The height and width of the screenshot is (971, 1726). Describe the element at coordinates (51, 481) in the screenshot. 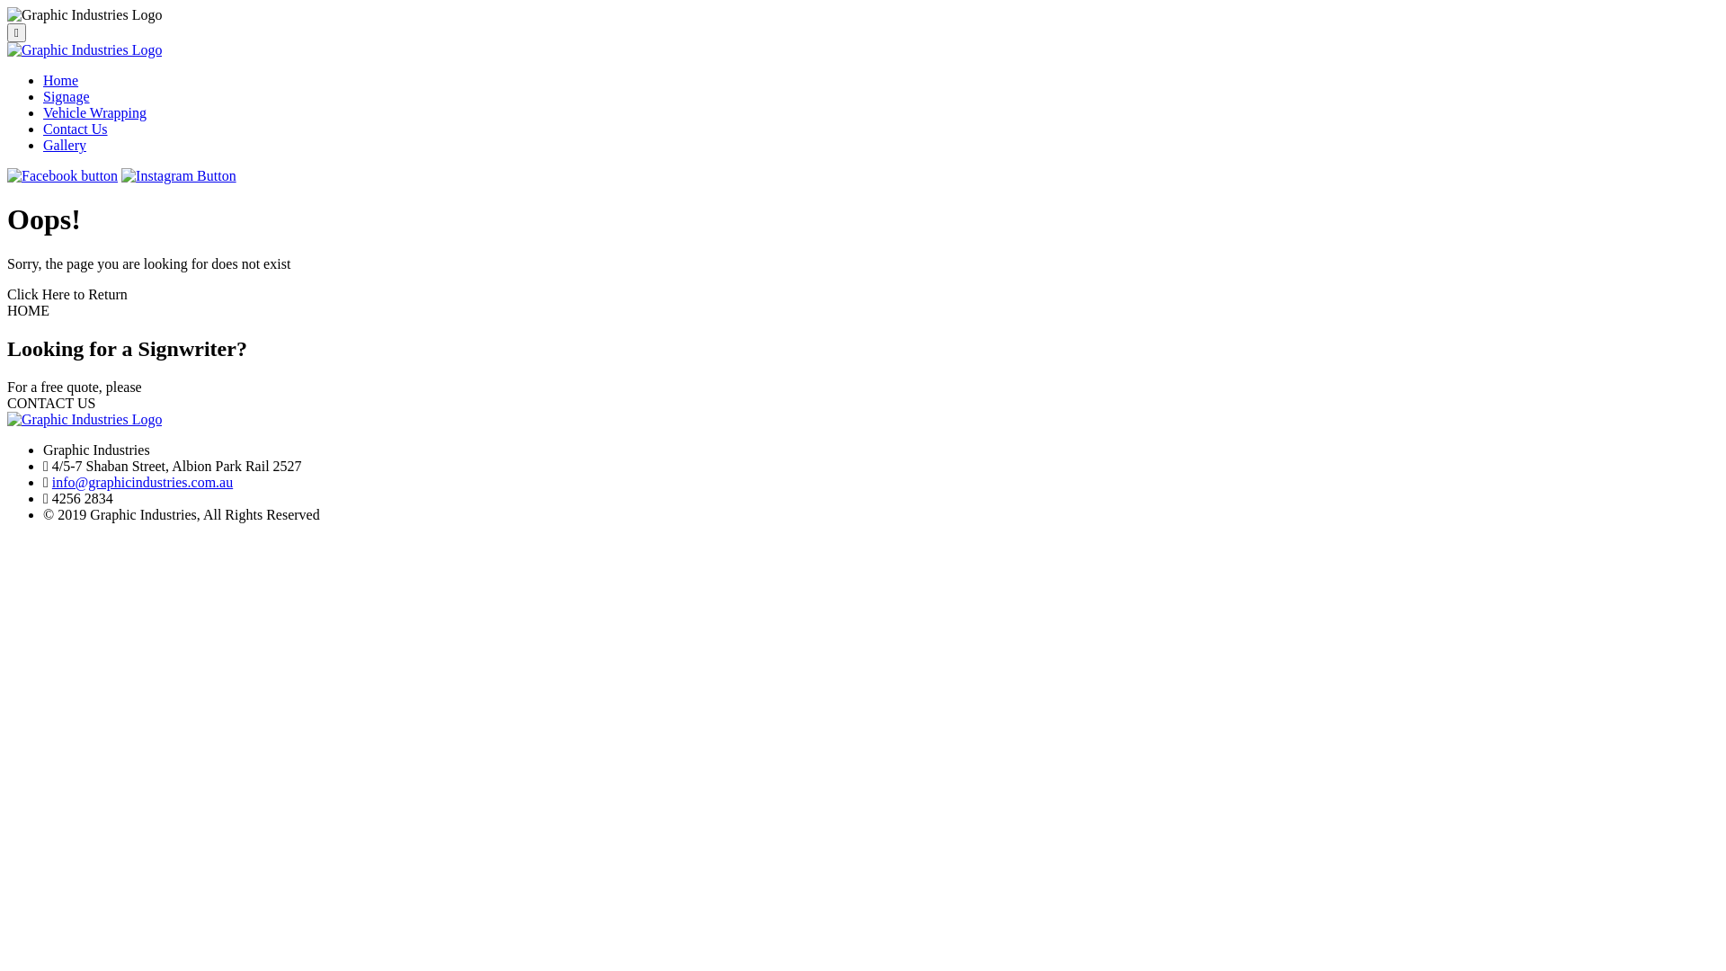

I see `'info@graphicindustries.com.au'` at that location.